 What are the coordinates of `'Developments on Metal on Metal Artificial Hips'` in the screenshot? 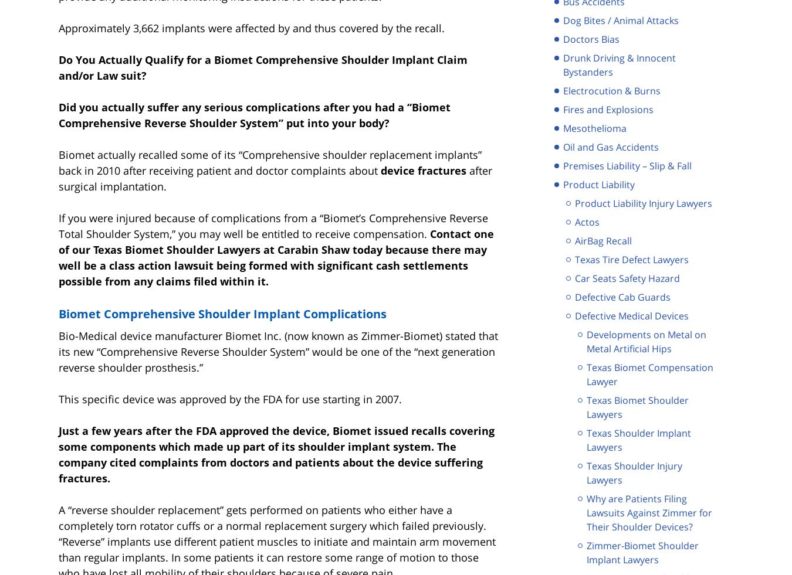 It's located at (585, 341).